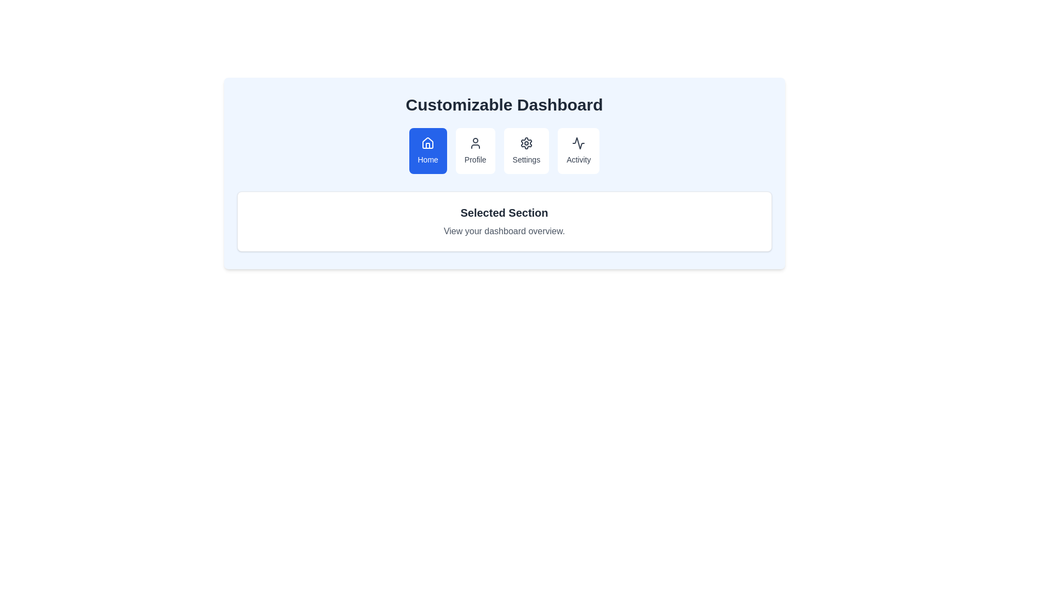 The image size is (1052, 591). What do you see at coordinates (504, 213) in the screenshot?
I see `the header text element that provides context for the section below it, located above the 'View your dashboard overview.' text` at bounding box center [504, 213].